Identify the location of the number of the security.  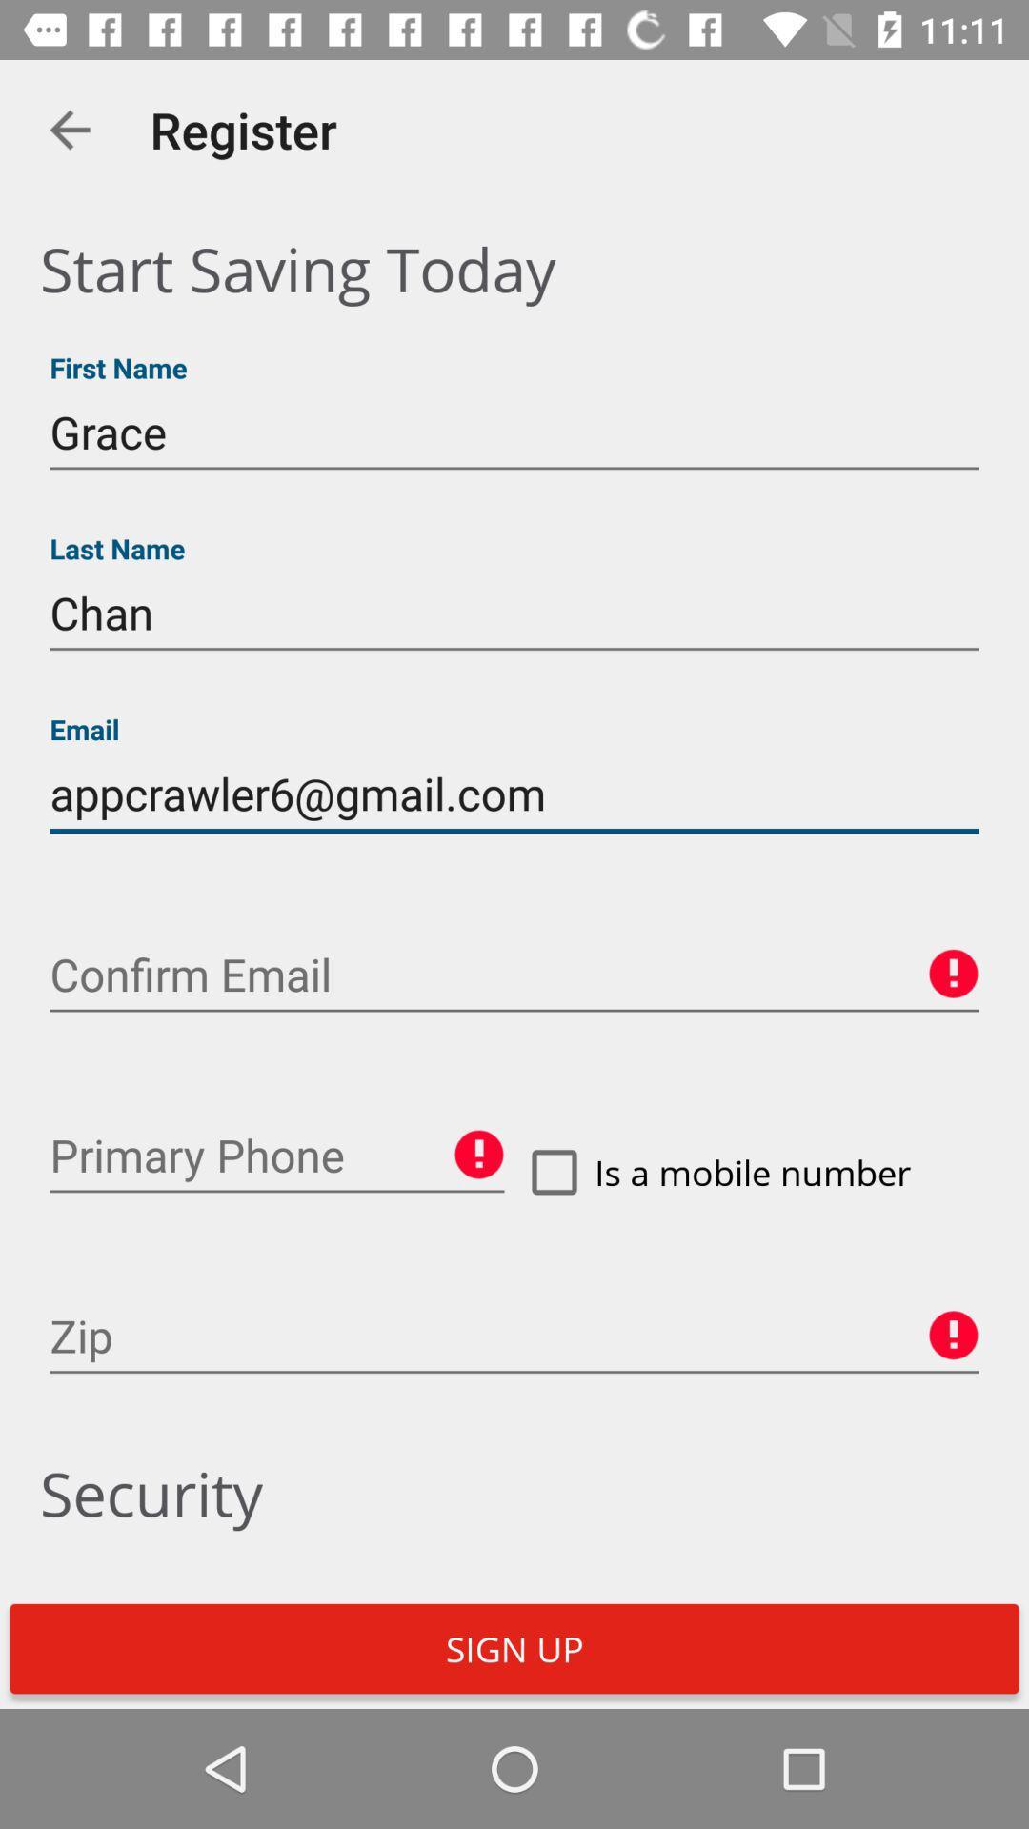
(276, 1155).